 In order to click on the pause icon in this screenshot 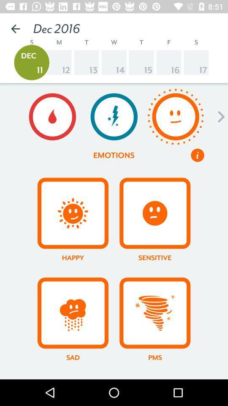, I will do `click(198, 155)`.